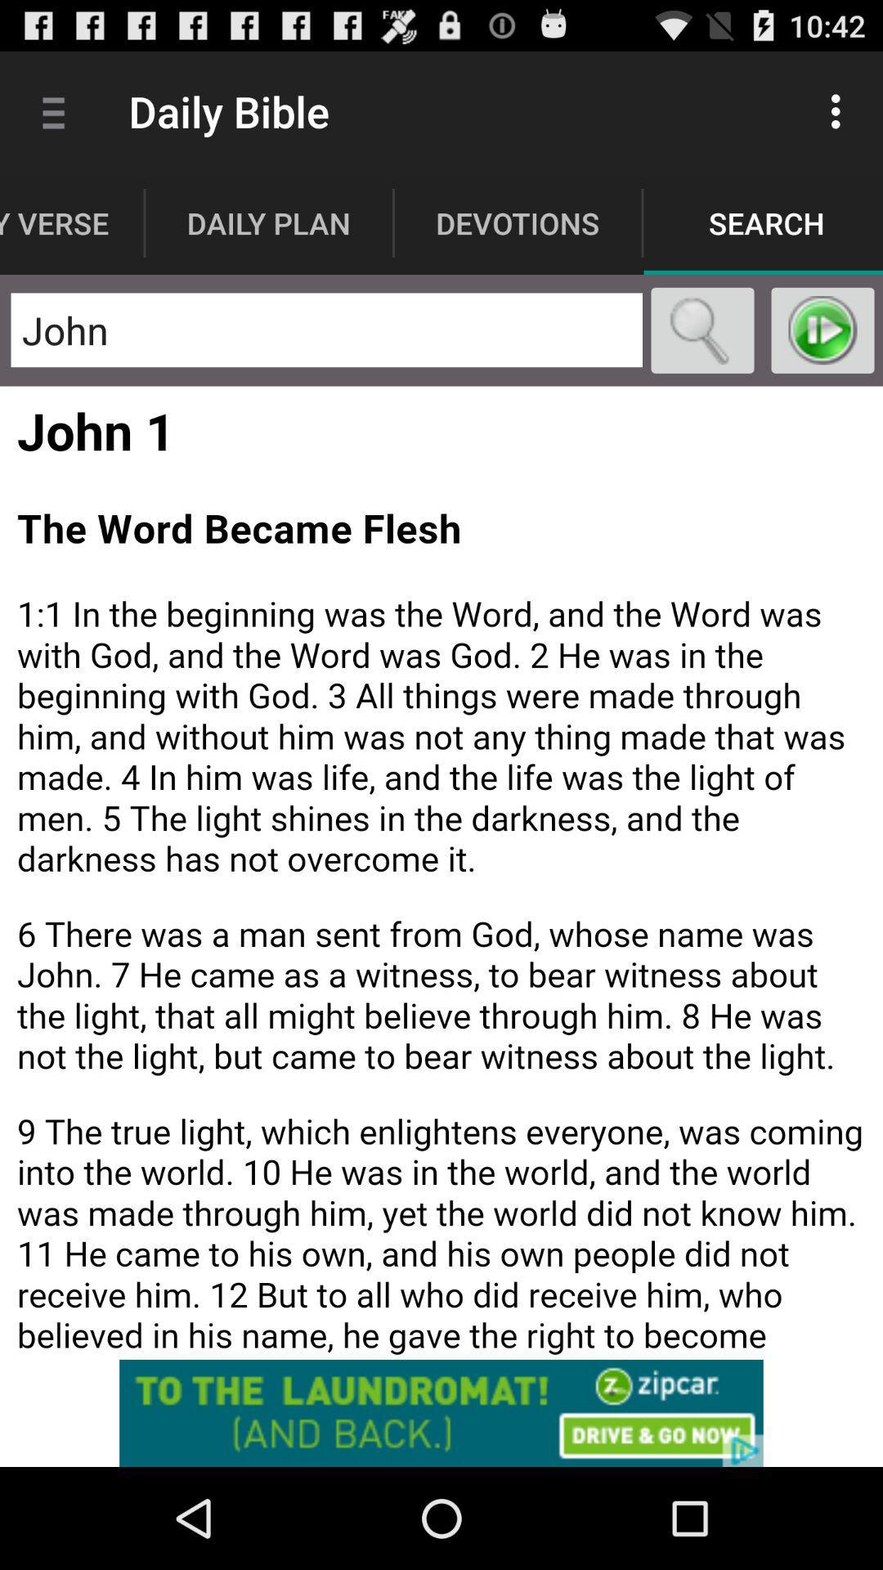  I want to click on the play icon, so click(822, 352).